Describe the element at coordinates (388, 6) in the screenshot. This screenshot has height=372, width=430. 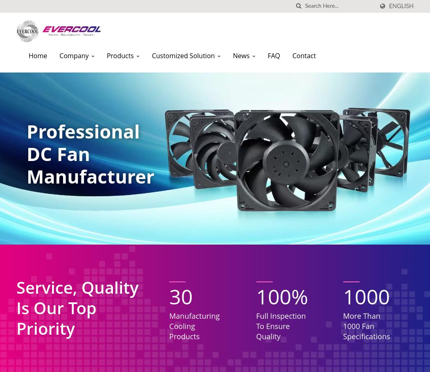
I see `'English'` at that location.